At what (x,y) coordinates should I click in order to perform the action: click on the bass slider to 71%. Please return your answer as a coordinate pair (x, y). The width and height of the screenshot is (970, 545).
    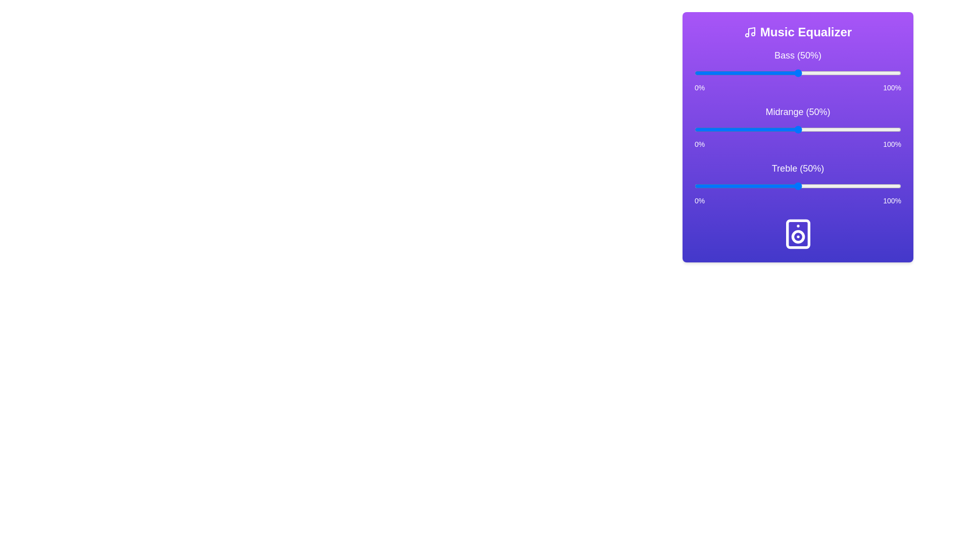
    Looking at the image, I should click on (841, 73).